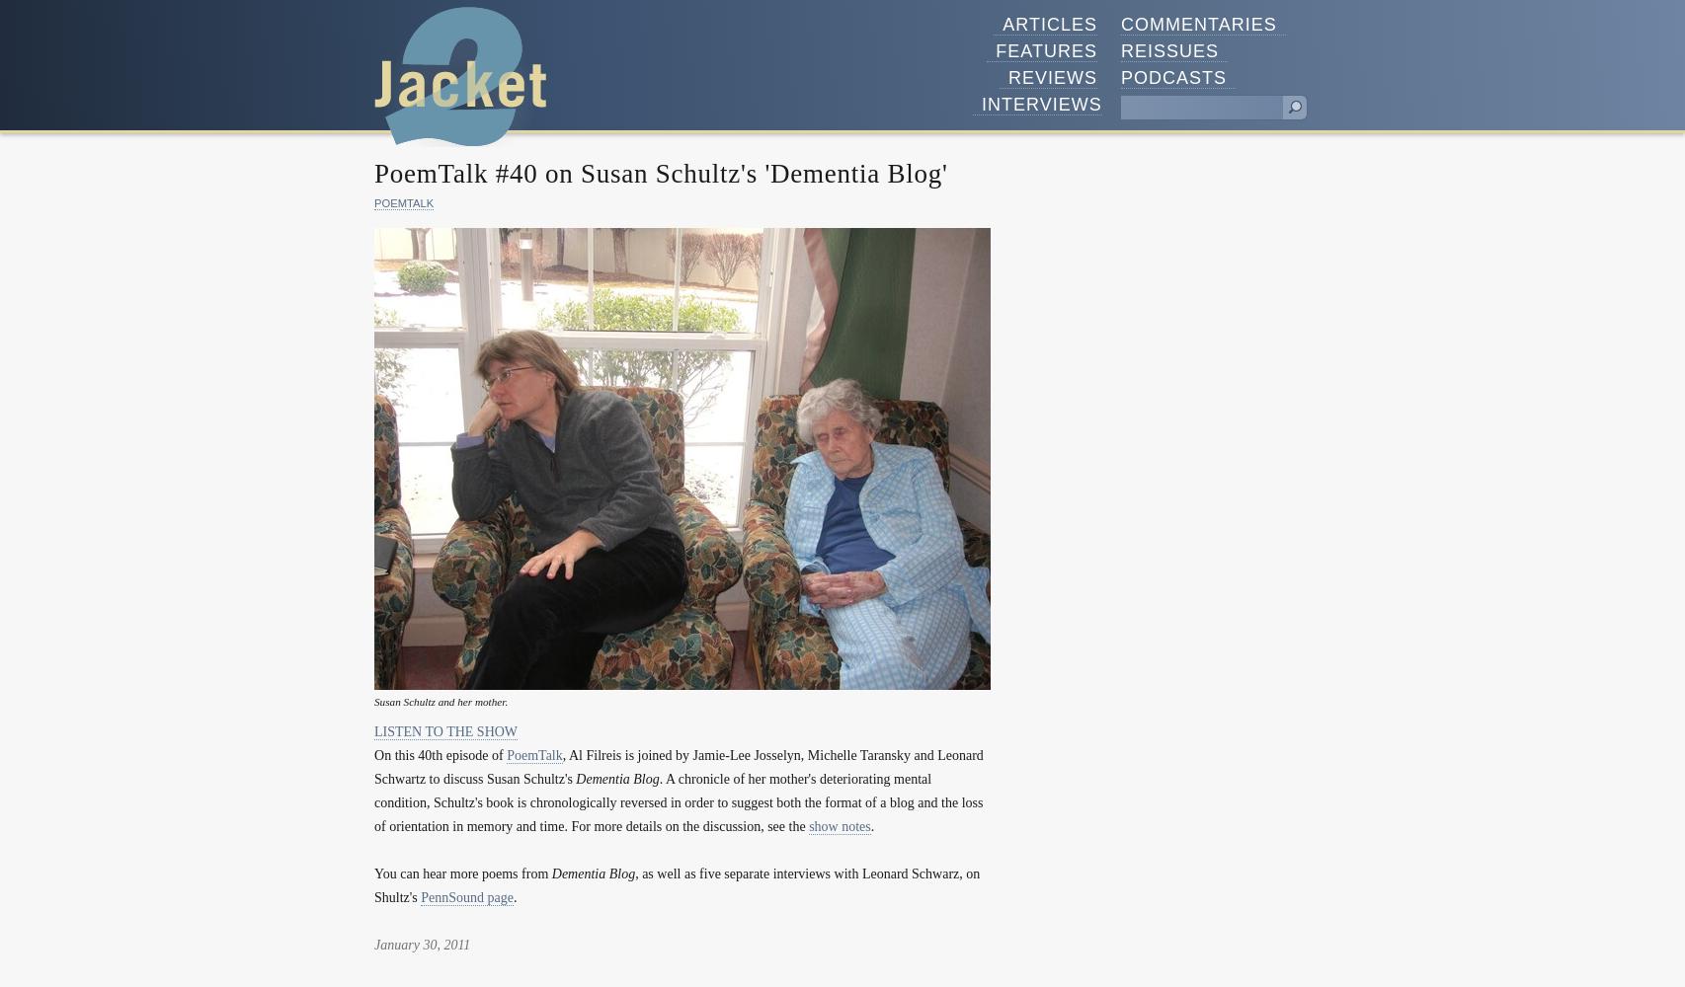 This screenshot has width=1685, height=987. What do you see at coordinates (374, 729) in the screenshot?
I see `'LISTEN TO THE SHOW'` at bounding box center [374, 729].